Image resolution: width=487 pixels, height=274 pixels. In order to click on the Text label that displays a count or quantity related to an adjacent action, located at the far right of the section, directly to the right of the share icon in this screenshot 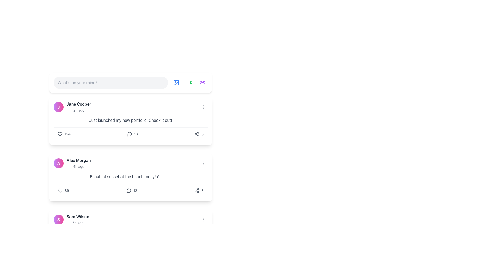, I will do `click(202, 191)`.